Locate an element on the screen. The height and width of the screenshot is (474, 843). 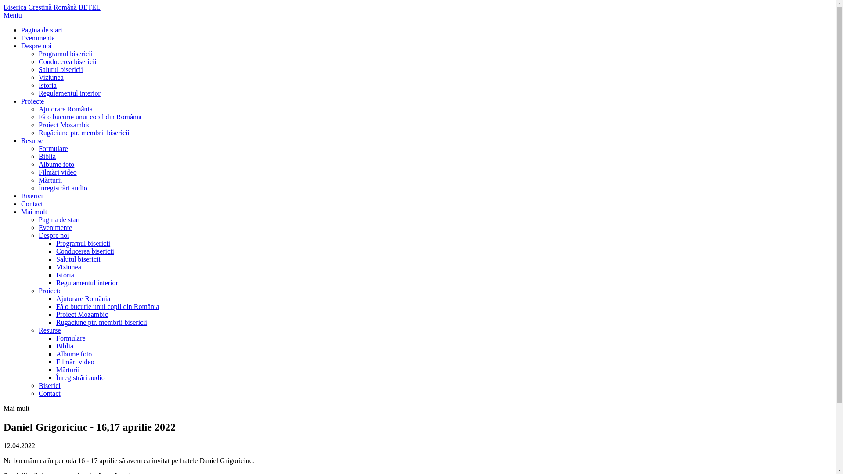
'Pagina de start' is located at coordinates (21, 29).